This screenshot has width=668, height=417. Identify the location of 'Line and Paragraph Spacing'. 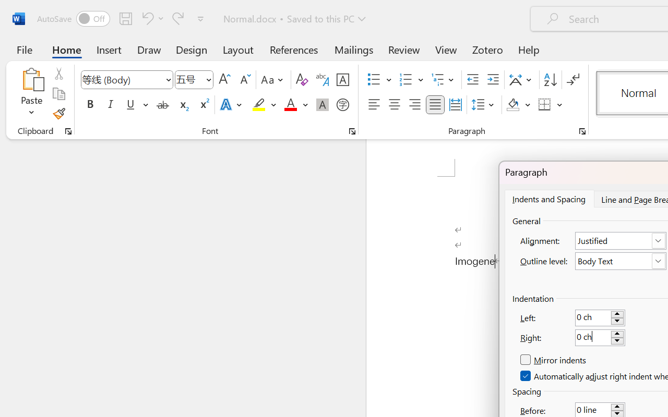
(484, 105).